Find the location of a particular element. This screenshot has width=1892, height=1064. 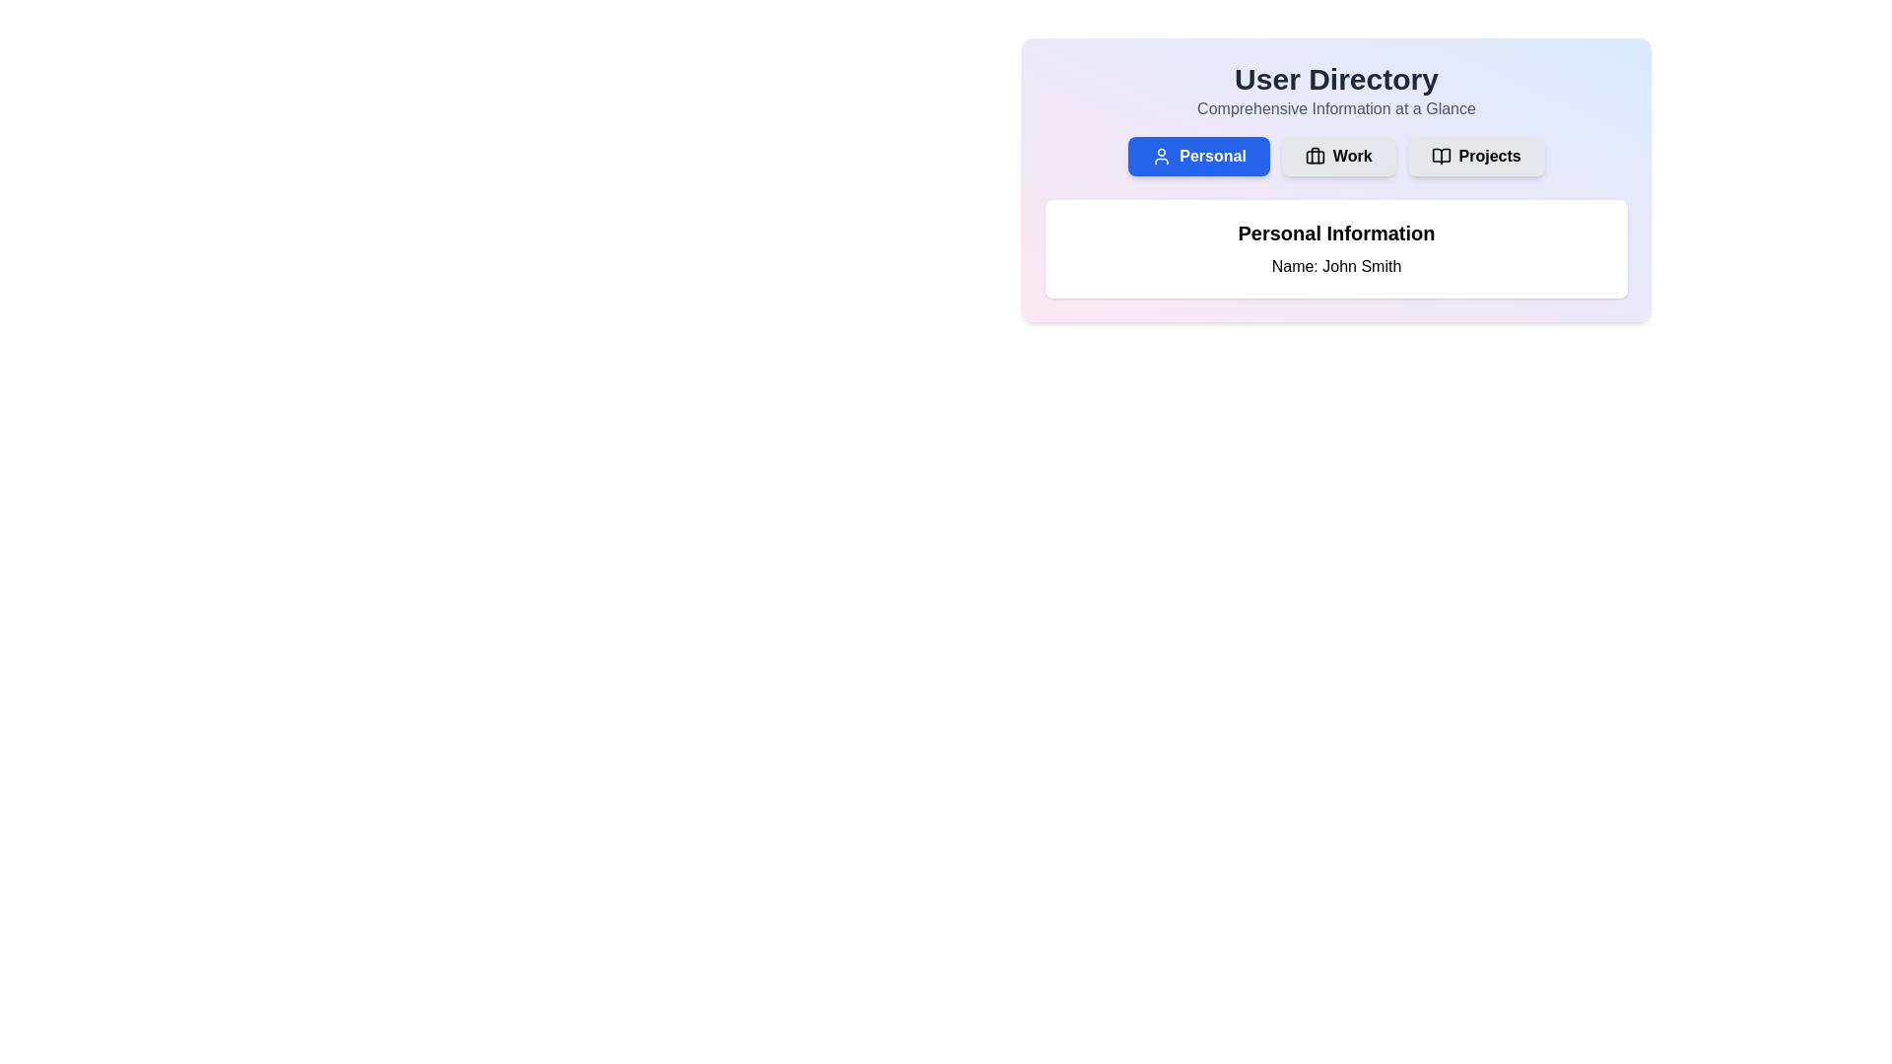

the 'Personal' button, which is a rounded rectangular button with a blue background and white text is located at coordinates (1198, 155).